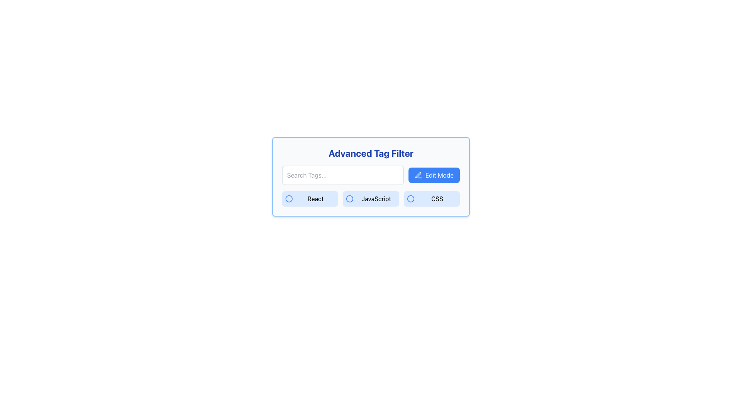 Image resolution: width=742 pixels, height=417 pixels. What do you see at coordinates (371, 198) in the screenshot?
I see `the button labeled 'JavaScript'` at bounding box center [371, 198].